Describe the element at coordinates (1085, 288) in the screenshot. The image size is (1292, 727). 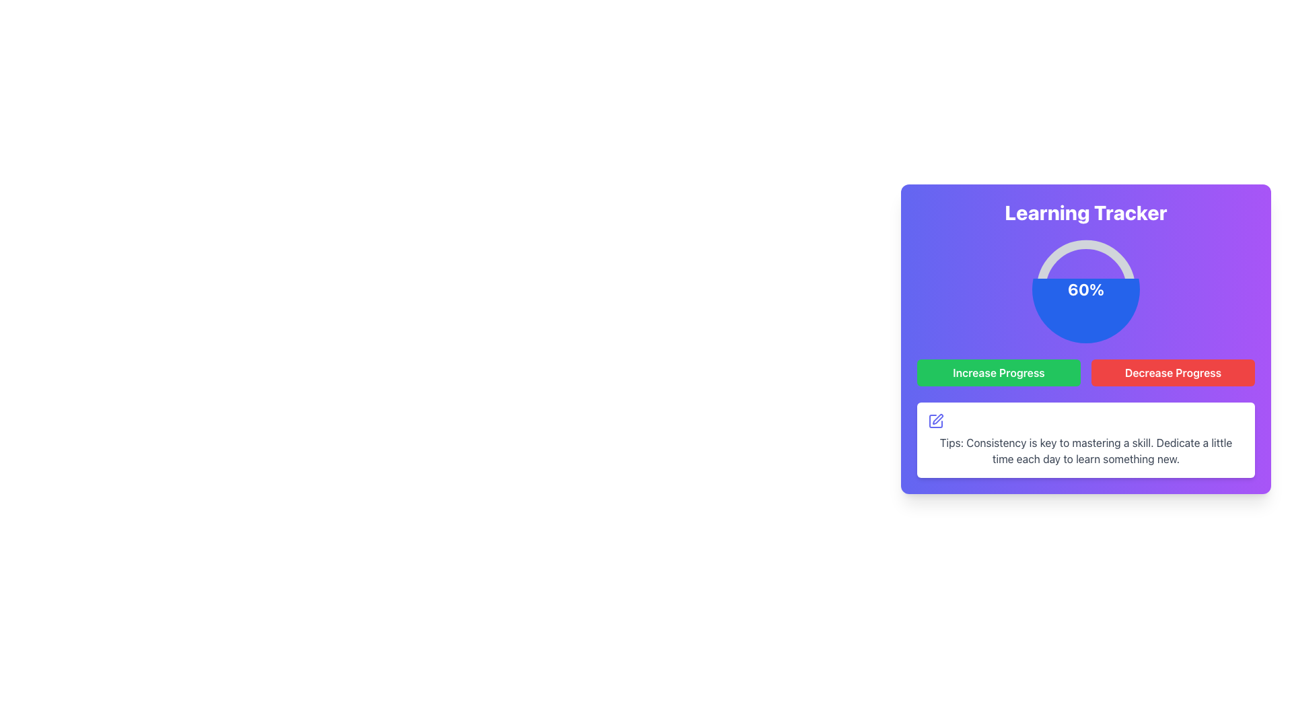
I see `the Circular Progress Indicator that visually represents 60% completion, which is centrally aligned within the purple 'Learning Tracker' card` at that location.